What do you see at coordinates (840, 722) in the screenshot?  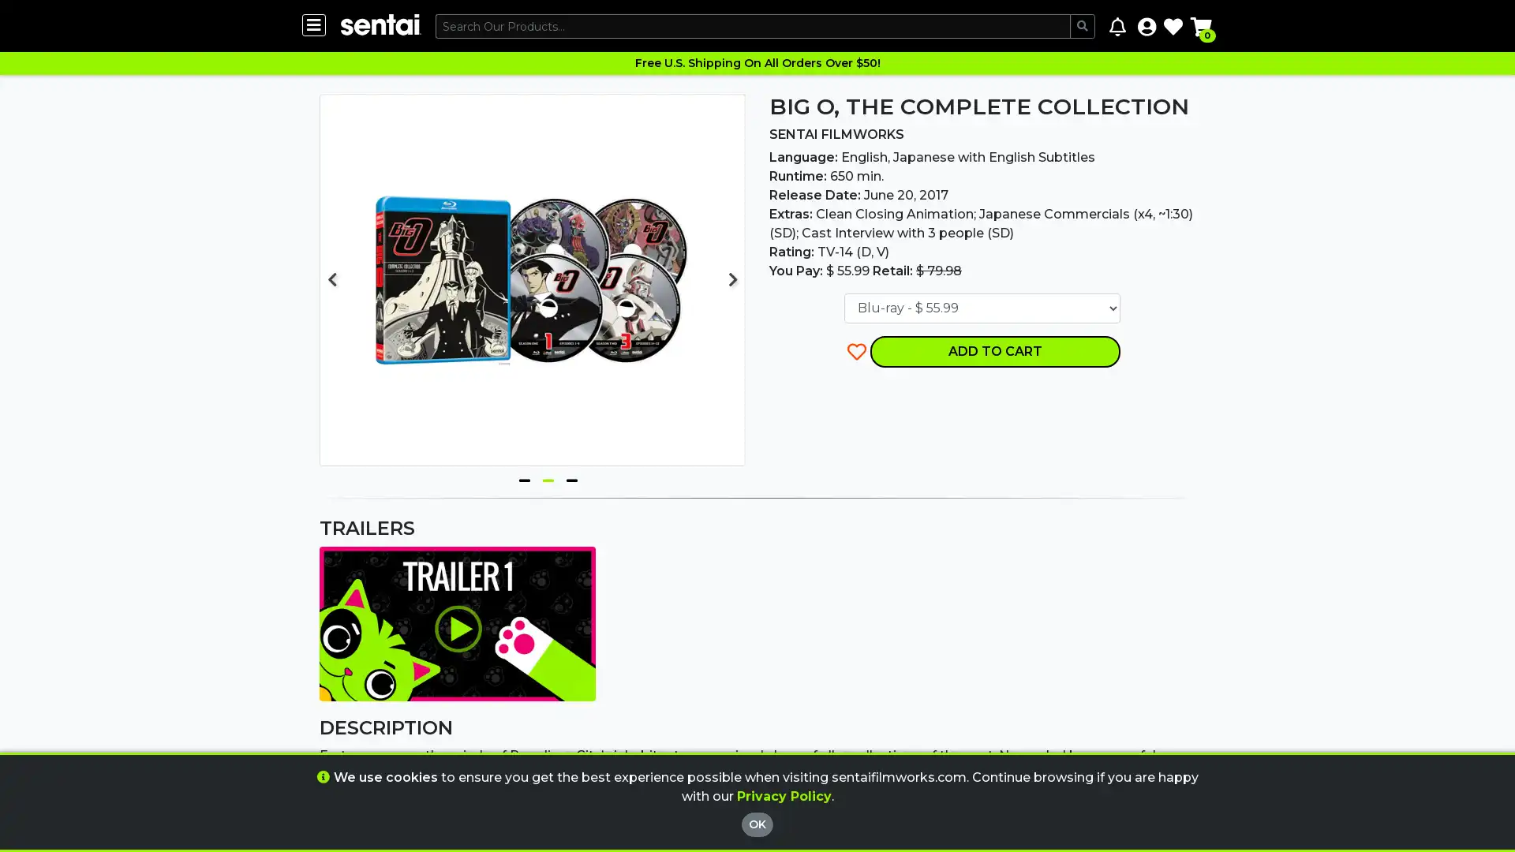 I see `Close` at bounding box center [840, 722].